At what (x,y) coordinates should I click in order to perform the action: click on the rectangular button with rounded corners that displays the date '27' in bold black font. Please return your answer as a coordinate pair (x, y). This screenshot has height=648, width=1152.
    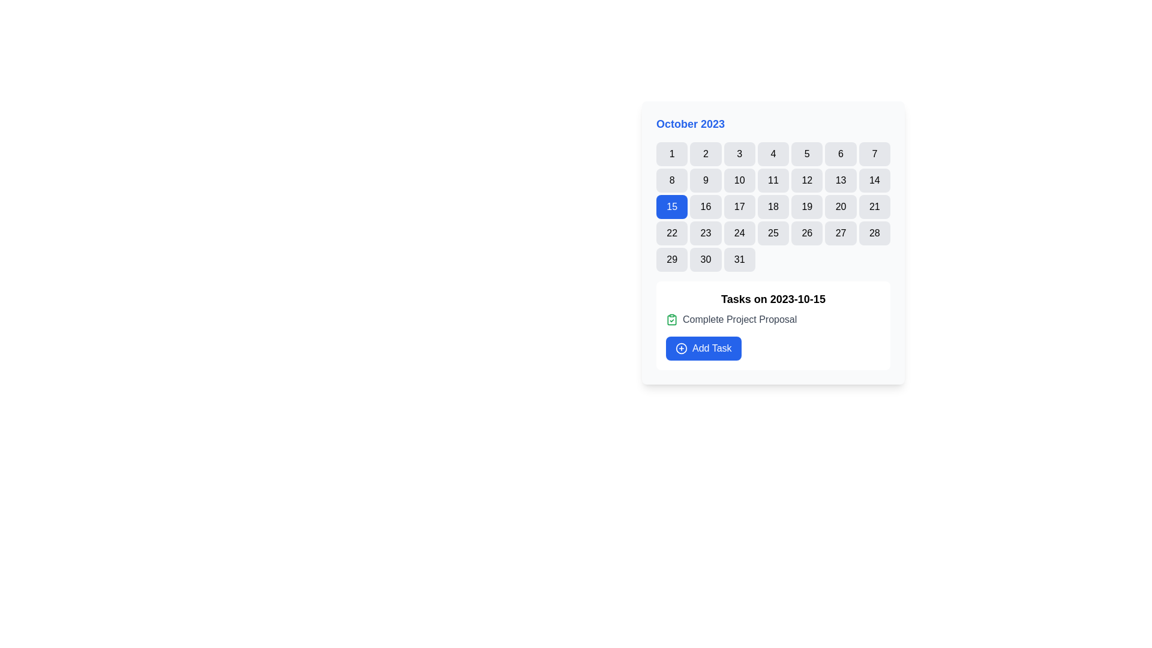
    Looking at the image, I should click on (840, 233).